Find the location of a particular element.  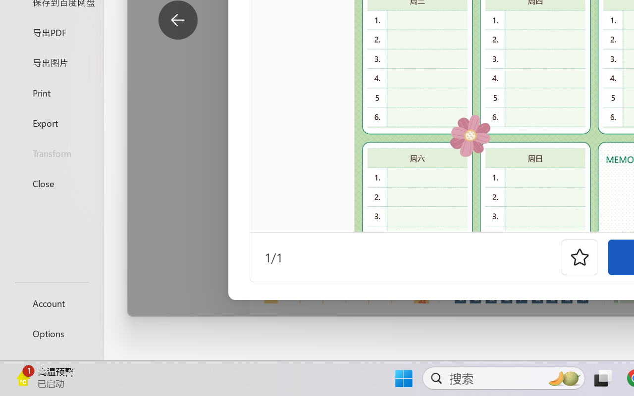

'Account' is located at coordinates (51, 303).